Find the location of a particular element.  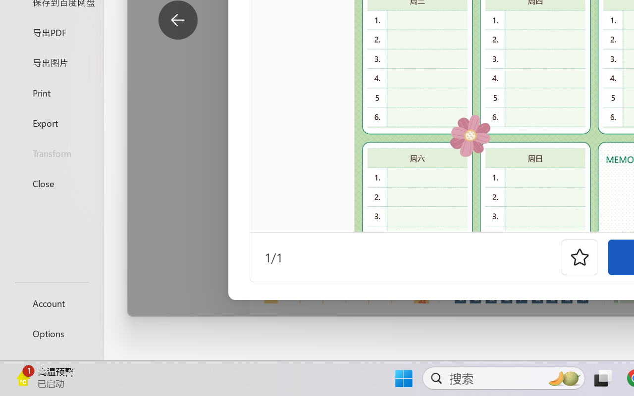

'Account' is located at coordinates (51, 303).